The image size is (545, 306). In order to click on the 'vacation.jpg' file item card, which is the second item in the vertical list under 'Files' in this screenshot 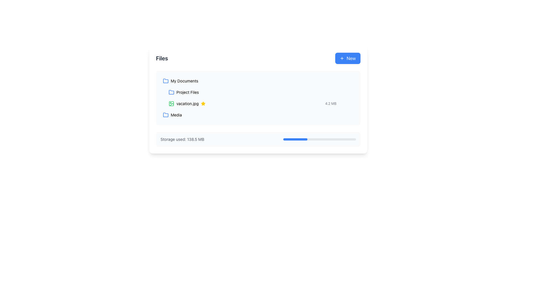, I will do `click(261, 104)`.